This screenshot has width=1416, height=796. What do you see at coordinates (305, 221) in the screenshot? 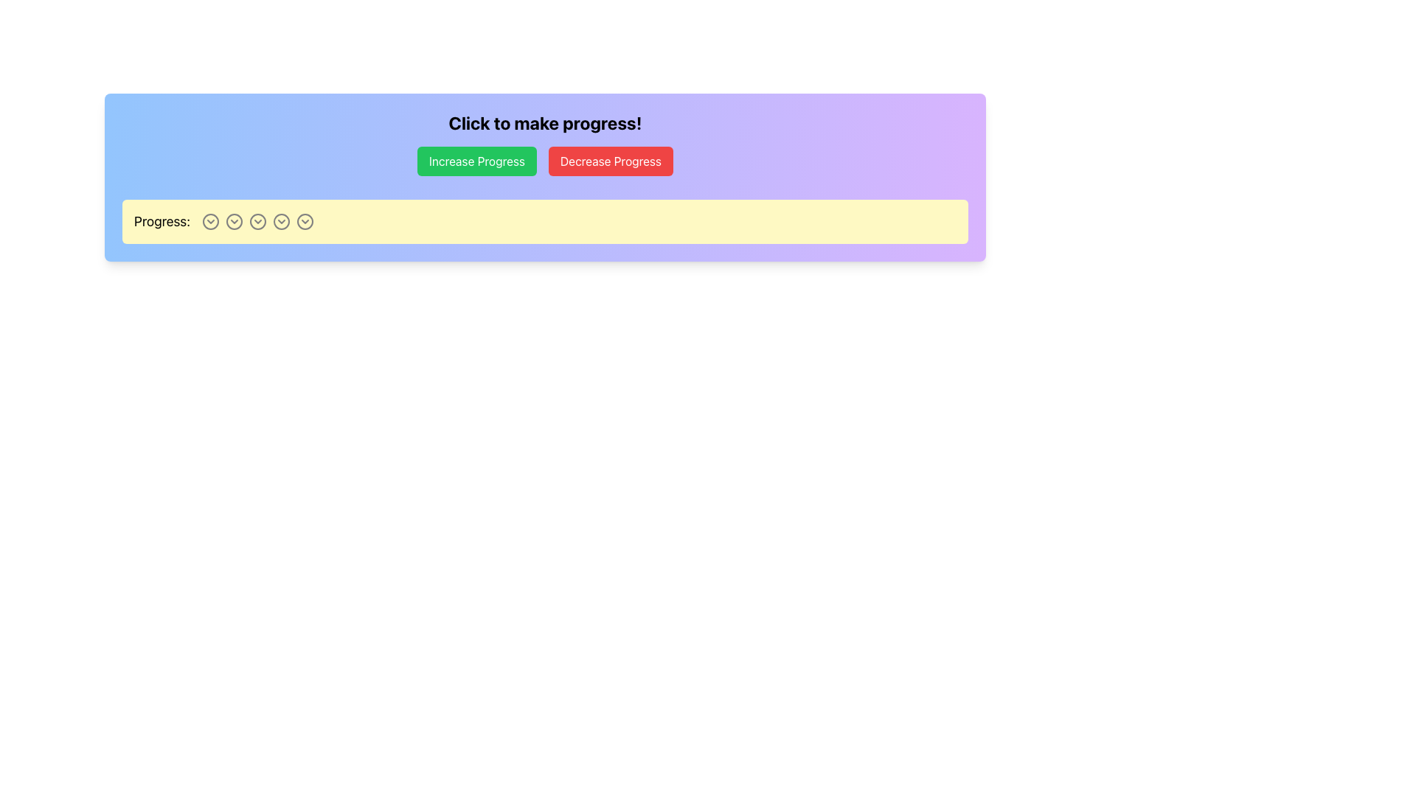
I see `Circle element within the chevron-down icon located on the rightmost side of the progress indicator row using developer tools` at bounding box center [305, 221].